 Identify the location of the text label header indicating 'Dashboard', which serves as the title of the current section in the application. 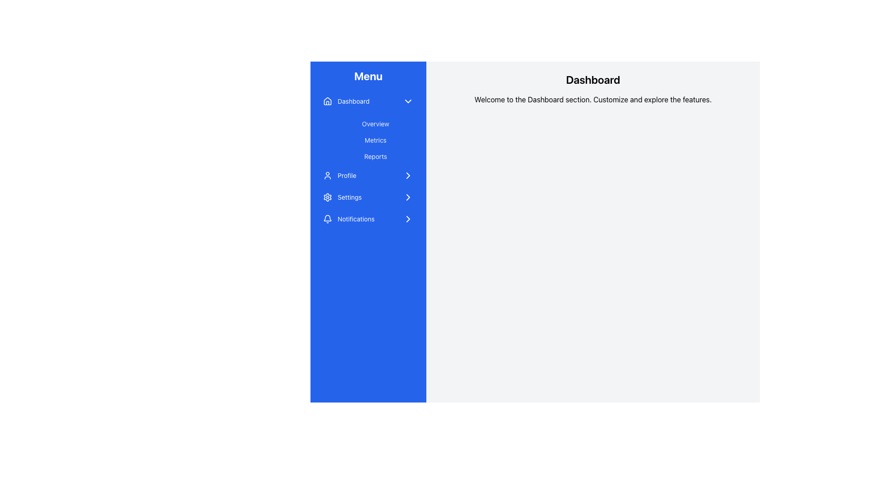
(593, 79).